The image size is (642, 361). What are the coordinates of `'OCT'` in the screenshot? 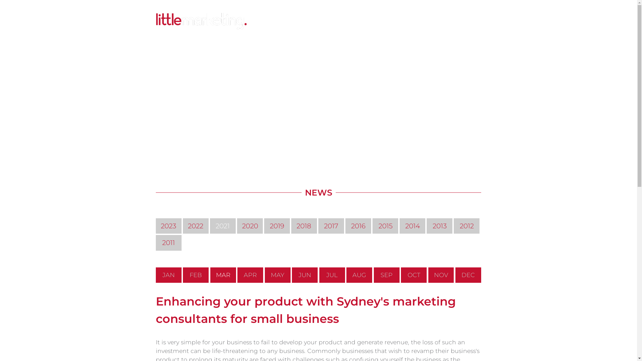 It's located at (401, 275).